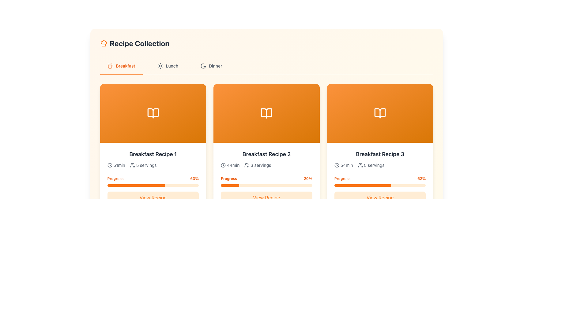  Describe the element at coordinates (146, 165) in the screenshot. I see `the Static Text Label that indicates the number of servings for 'Breakfast Recipe 1', located directly to the right of the servings icon` at that location.